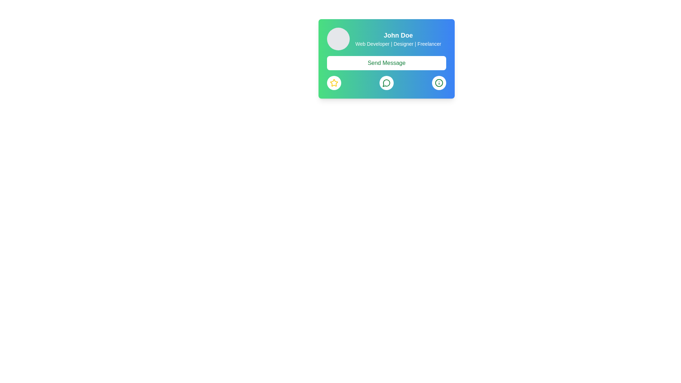 The image size is (681, 383). I want to click on the circular green outlined icon located at the bottom right of the user profile card, which has a central dot-like feature, so click(439, 83).